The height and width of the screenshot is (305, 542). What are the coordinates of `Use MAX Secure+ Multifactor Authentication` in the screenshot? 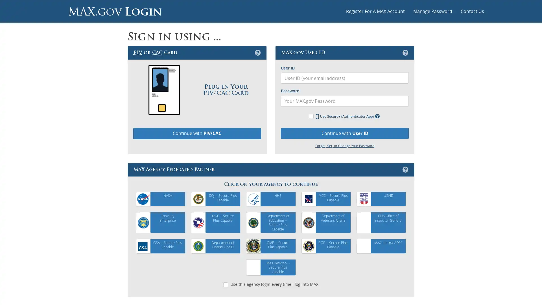 It's located at (377, 116).